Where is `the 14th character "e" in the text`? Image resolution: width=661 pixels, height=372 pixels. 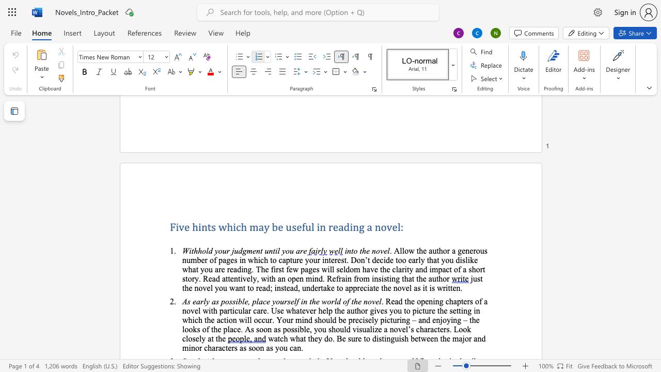 the 14th character "e" in the text is located at coordinates (445, 310).